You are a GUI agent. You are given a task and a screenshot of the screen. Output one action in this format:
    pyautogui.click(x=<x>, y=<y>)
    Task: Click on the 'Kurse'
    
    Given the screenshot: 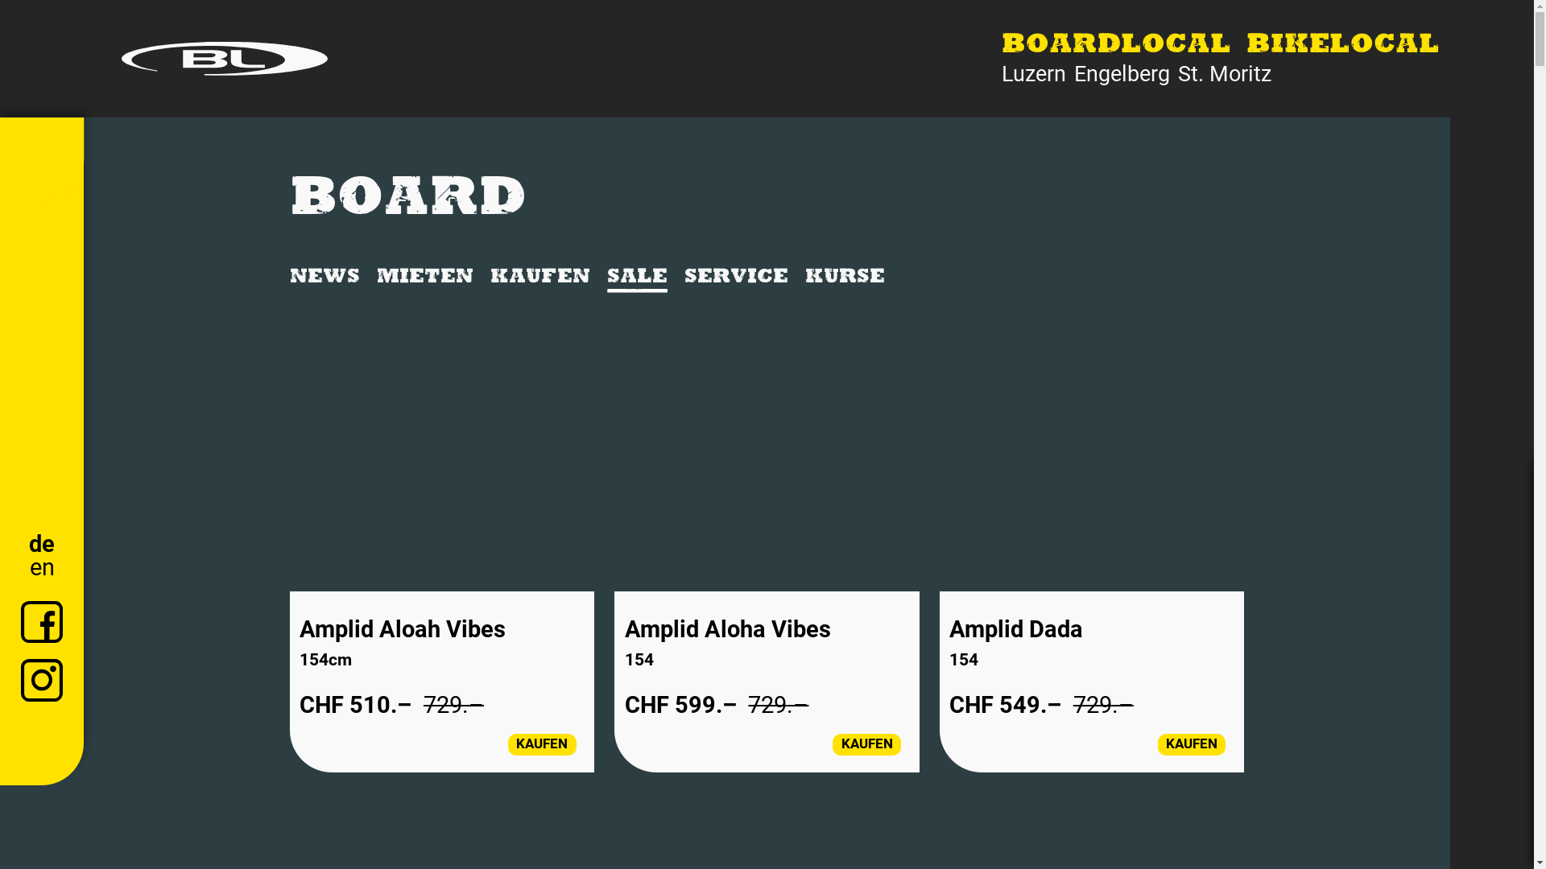 What is the action you would take?
    pyautogui.click(x=844, y=277)
    